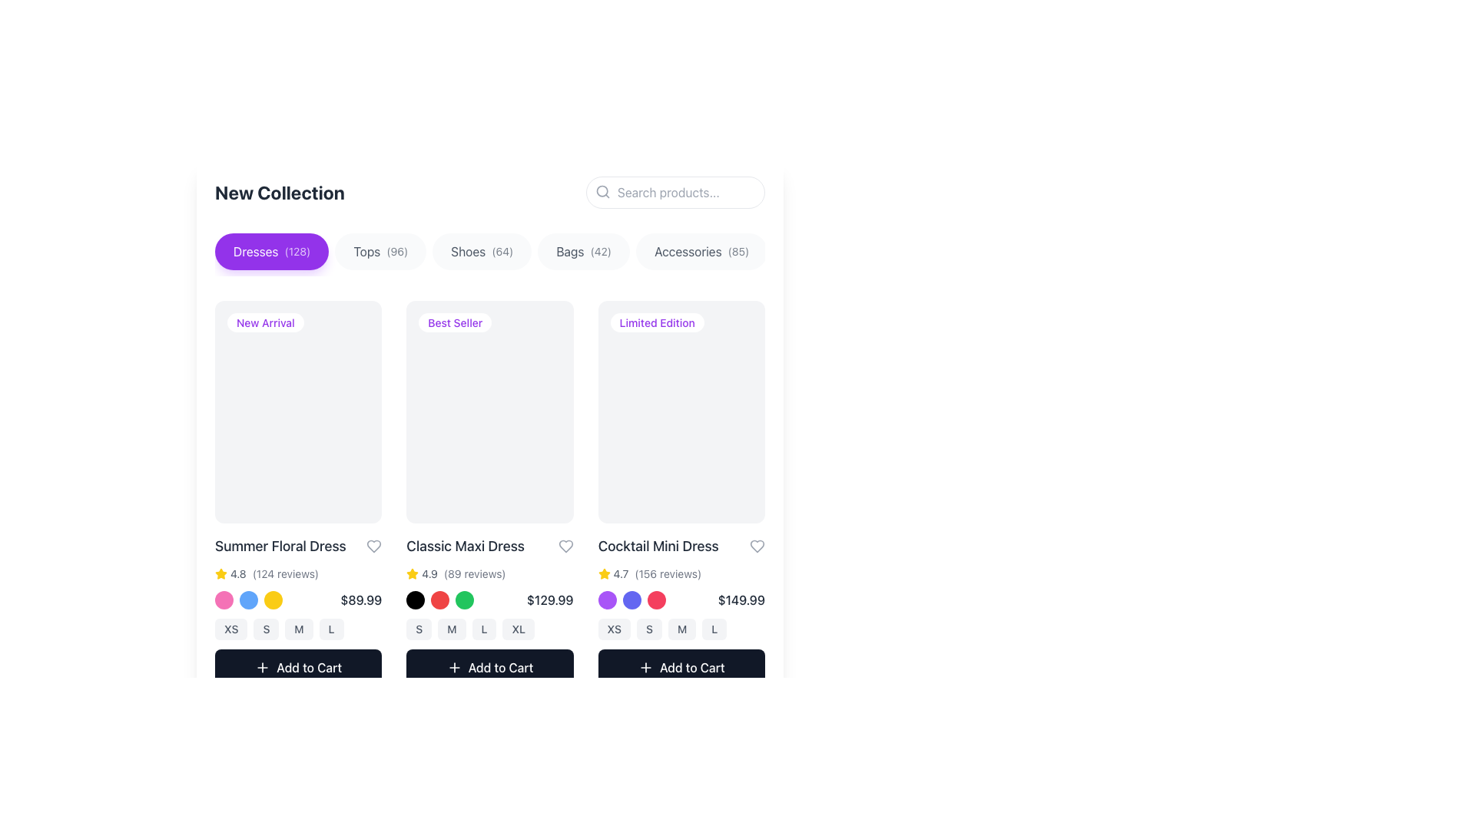 The height and width of the screenshot is (829, 1475). I want to click on the 'New Arrival' label styled with purple text, located in the top-left corner of the first product card in the 'New Collection' section, so click(265, 322).